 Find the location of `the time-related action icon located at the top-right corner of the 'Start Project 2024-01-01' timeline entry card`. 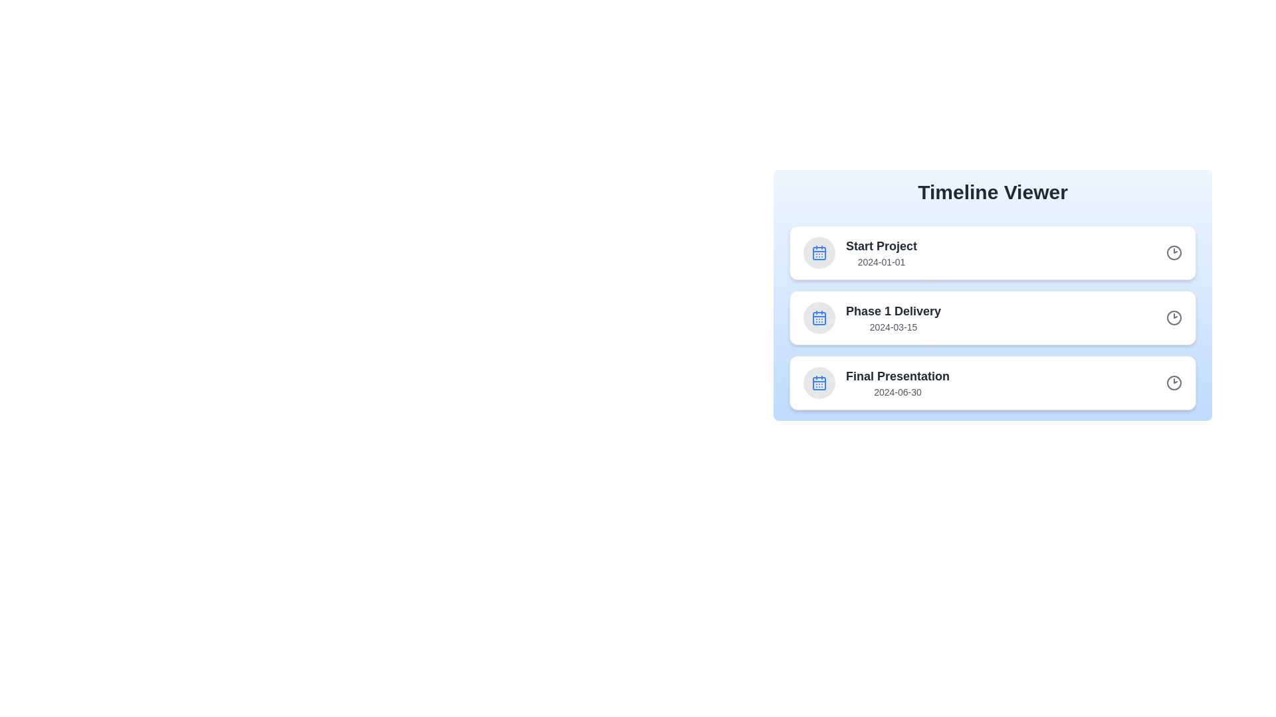

the time-related action icon located at the top-right corner of the 'Start Project 2024-01-01' timeline entry card is located at coordinates (1174, 253).